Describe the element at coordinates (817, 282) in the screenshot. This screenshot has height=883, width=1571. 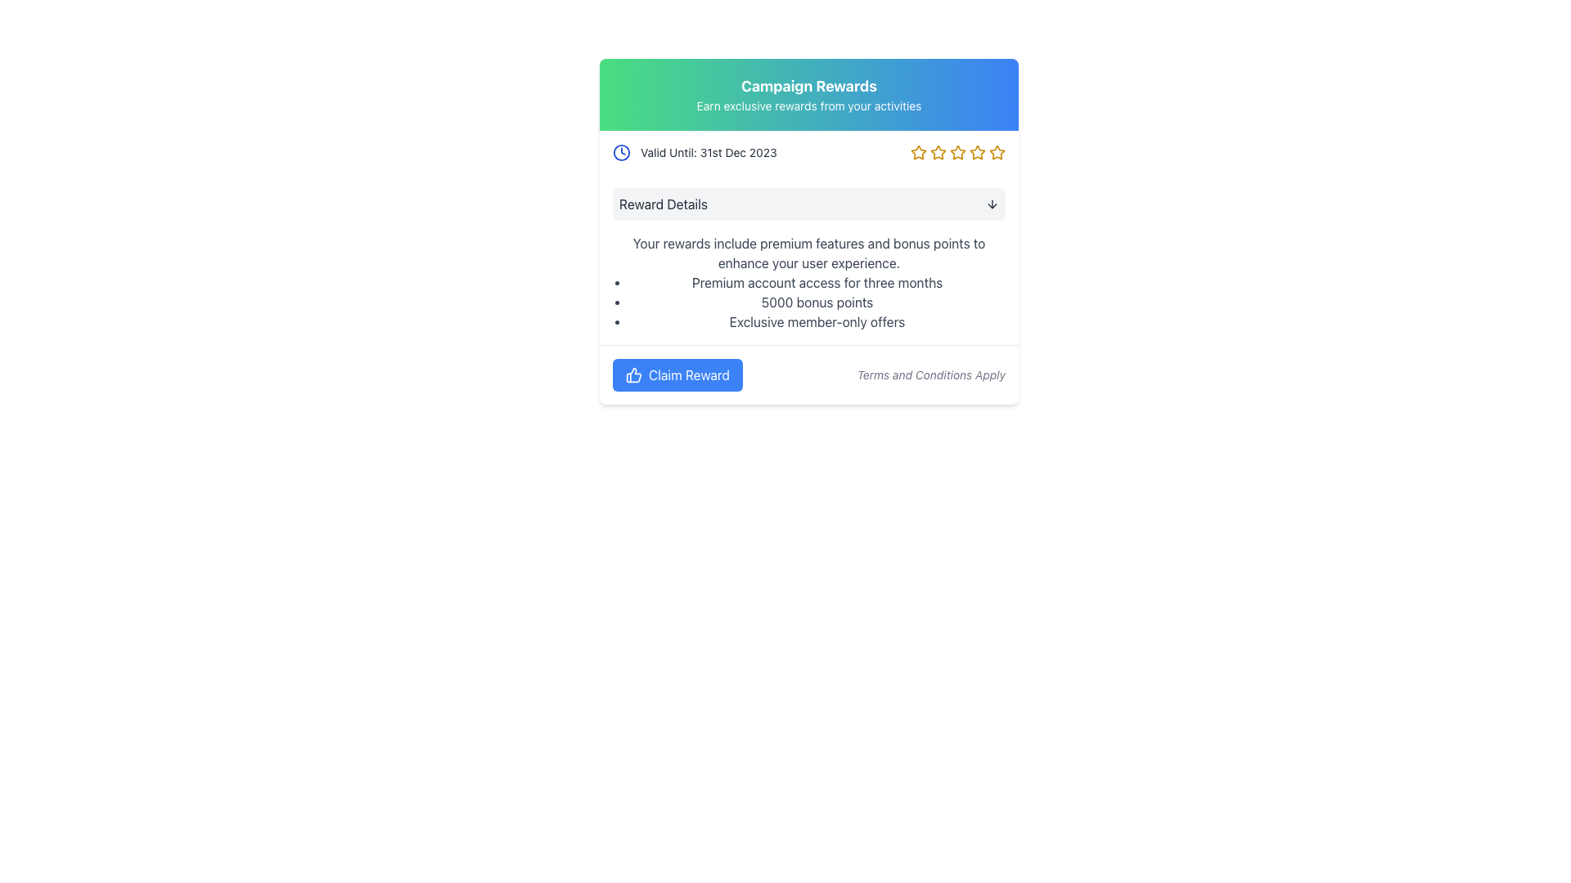
I see `the first static text item in the bullet-pointed list that provides information about premium account access for three months, located under 'Reward Details'` at that location.